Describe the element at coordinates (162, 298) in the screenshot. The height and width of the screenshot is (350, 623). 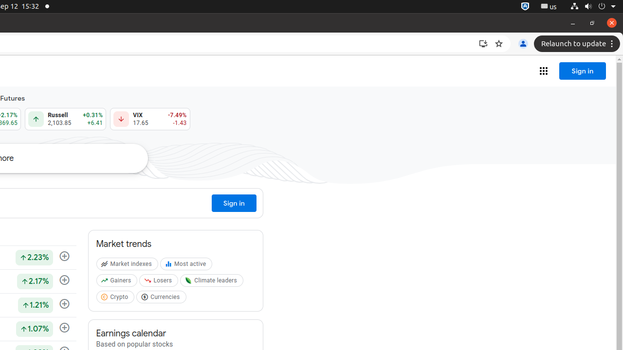
I see `'Currencies'` at that location.